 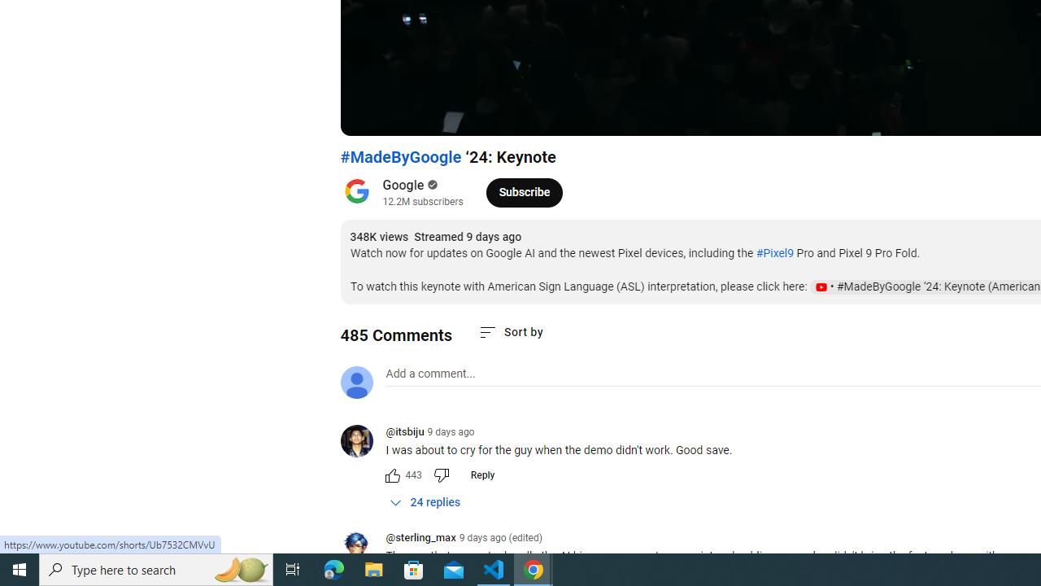 I want to click on '9 days ago', so click(x=451, y=431).